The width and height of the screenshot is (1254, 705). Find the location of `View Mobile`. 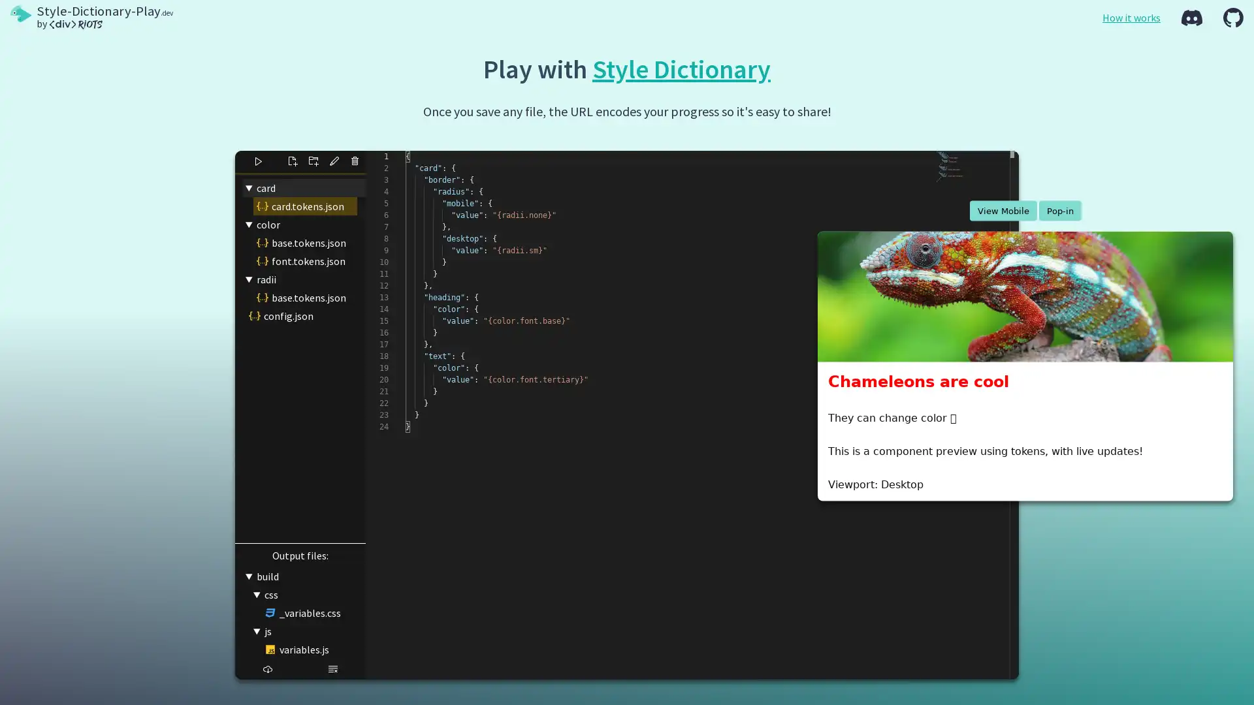

View Mobile is located at coordinates (1002, 210).